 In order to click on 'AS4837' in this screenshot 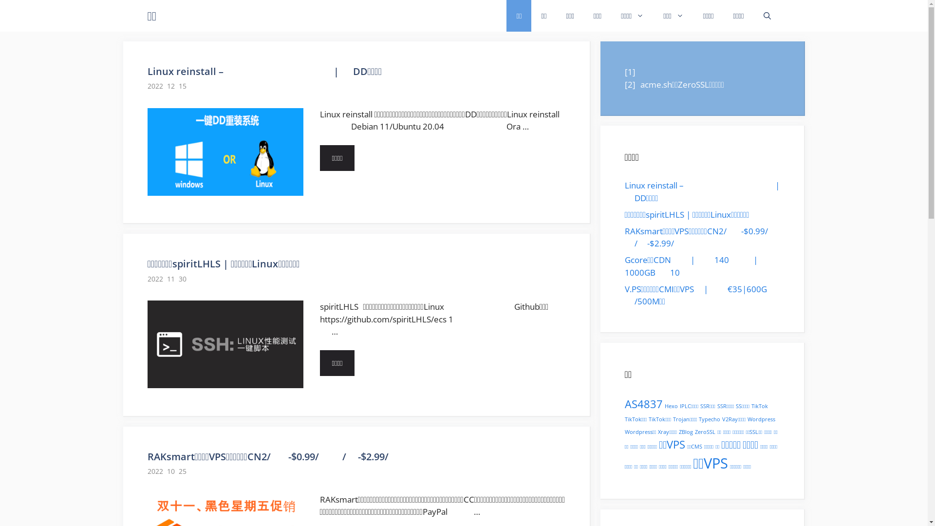, I will do `click(643, 403)`.